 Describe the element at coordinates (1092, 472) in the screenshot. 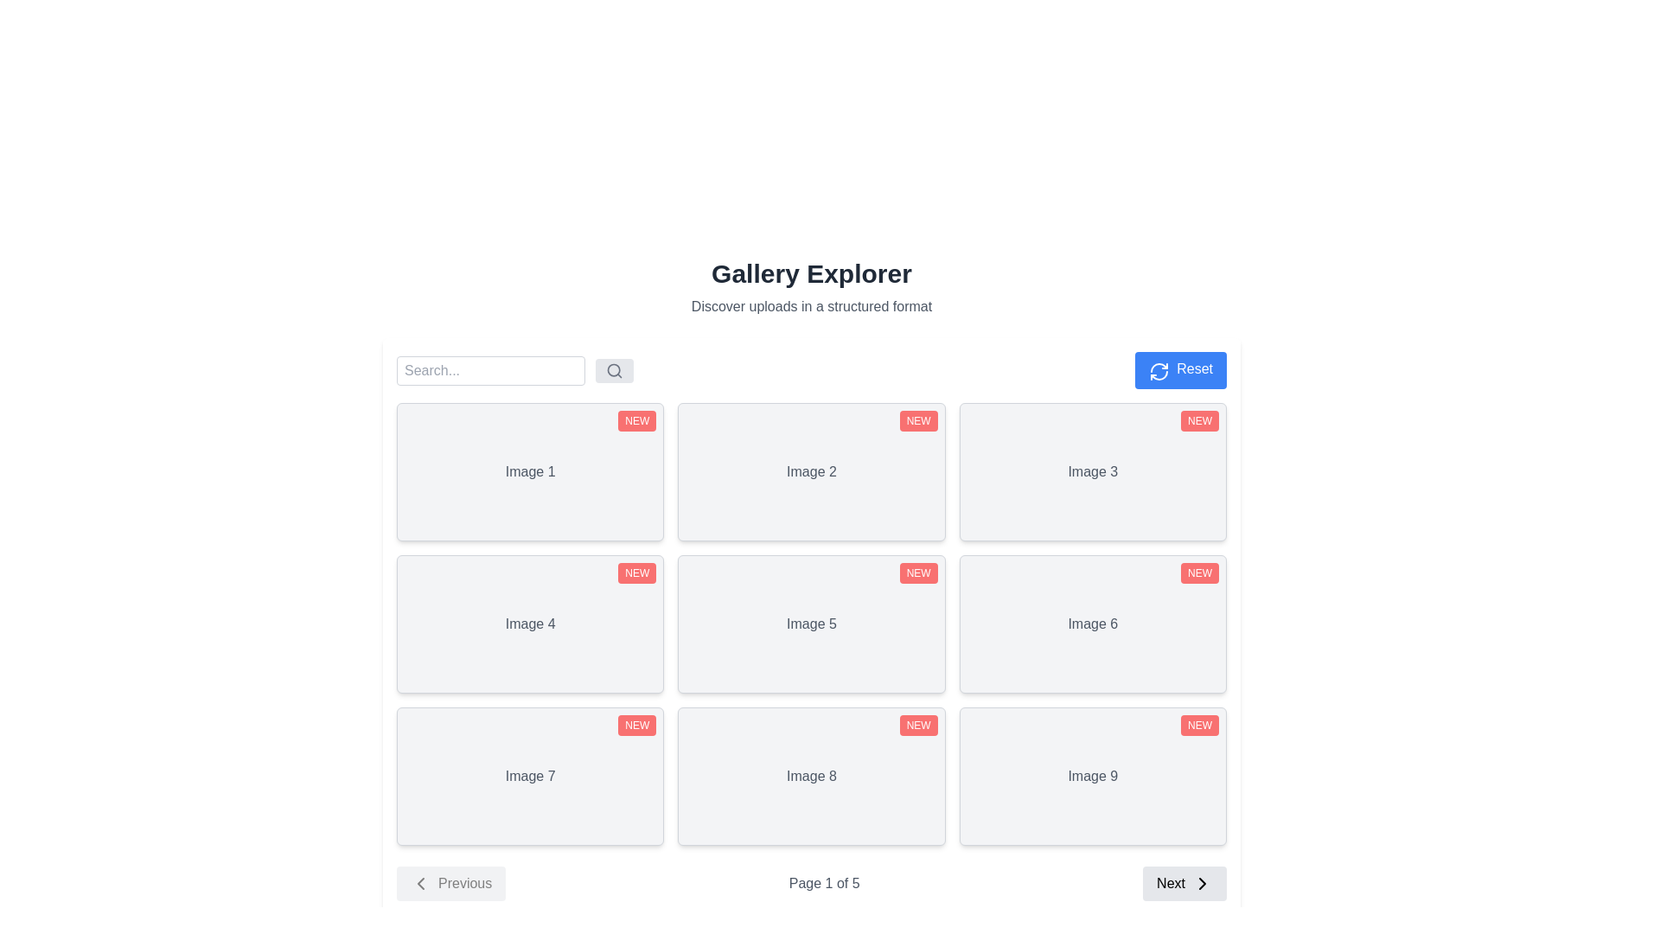

I see `the card labeled 'Image 3' which has a light gray background, a thin dark gray border, centered text 'Image 3' in gray font, and a red 'NEW' badge at the top-right corner` at that location.